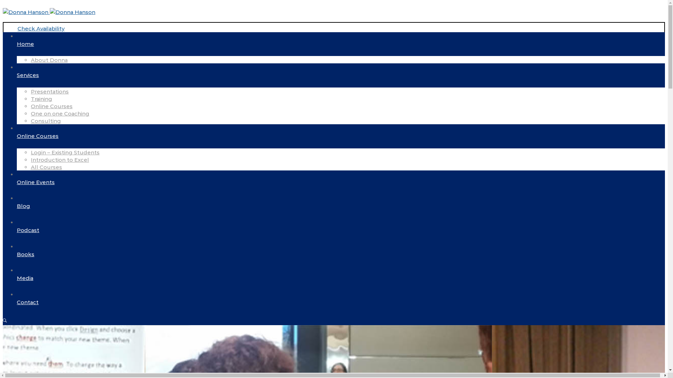  What do you see at coordinates (30, 106) in the screenshot?
I see `'Online Courses'` at bounding box center [30, 106].